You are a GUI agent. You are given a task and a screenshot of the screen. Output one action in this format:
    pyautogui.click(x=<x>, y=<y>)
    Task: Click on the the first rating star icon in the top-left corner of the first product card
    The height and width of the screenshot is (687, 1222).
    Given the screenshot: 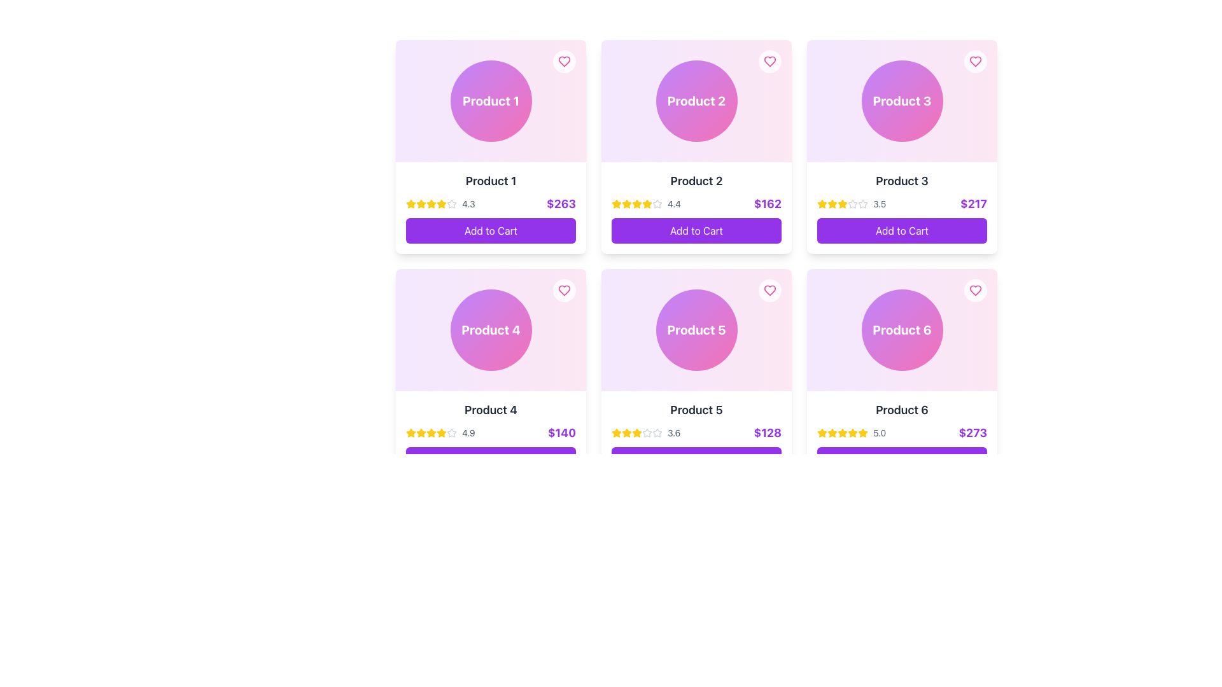 What is the action you would take?
    pyautogui.click(x=411, y=203)
    